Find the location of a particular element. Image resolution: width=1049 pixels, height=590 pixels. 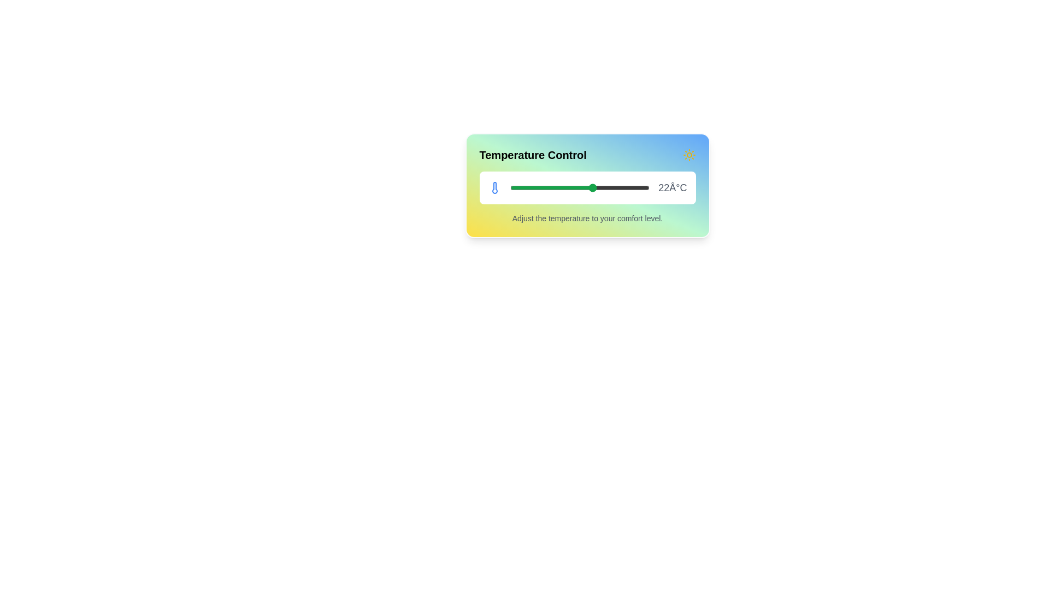

temperature is located at coordinates (615, 187).